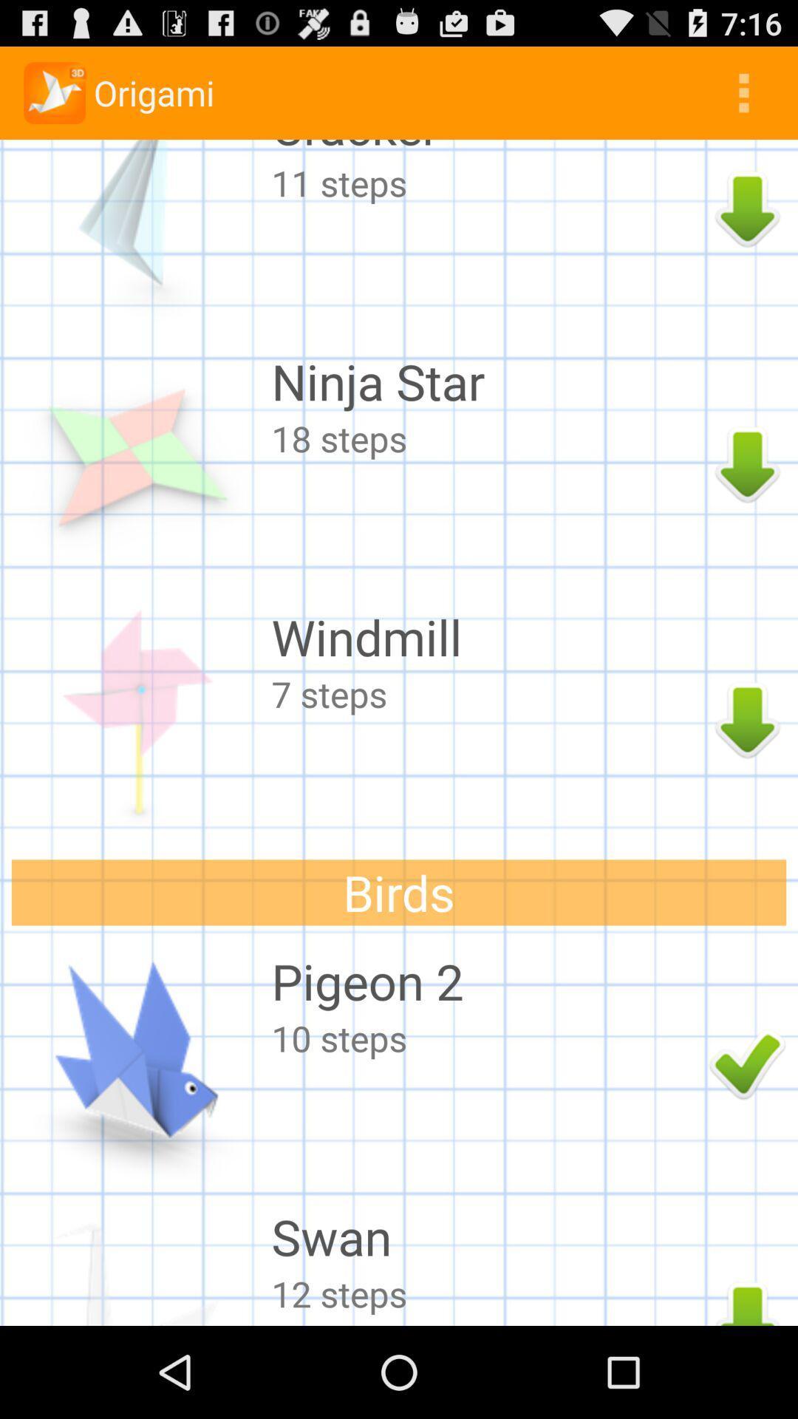  What do you see at coordinates (486, 693) in the screenshot?
I see `icon below the windmill` at bounding box center [486, 693].